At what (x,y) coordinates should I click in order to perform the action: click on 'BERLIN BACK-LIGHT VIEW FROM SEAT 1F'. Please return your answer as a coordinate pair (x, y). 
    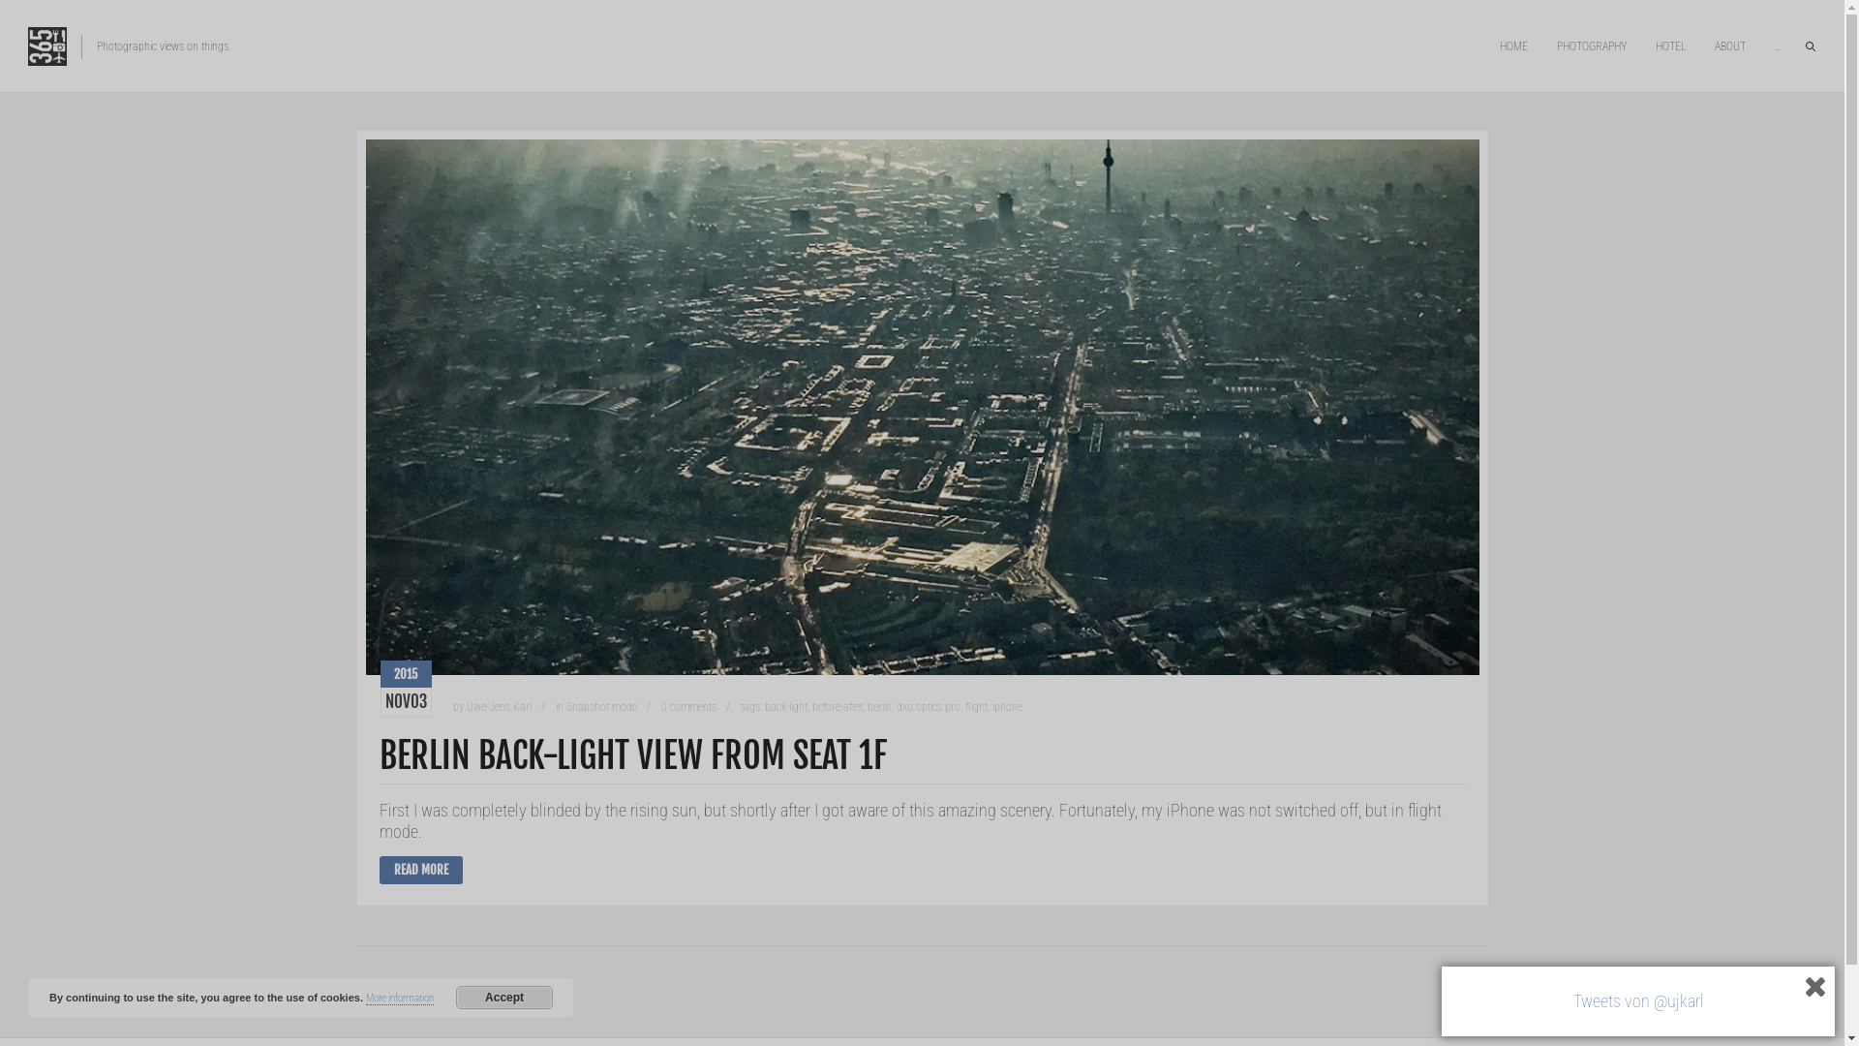
    Looking at the image, I should click on (632, 754).